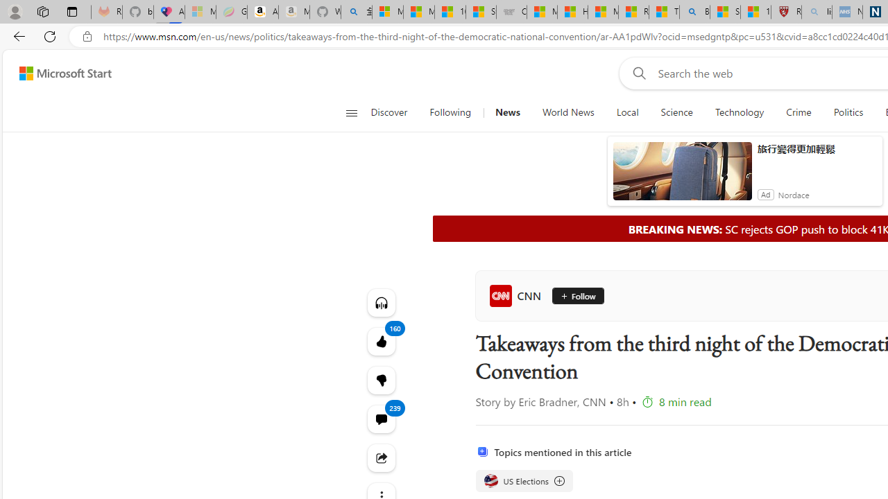 Image resolution: width=888 pixels, height=499 pixels. Describe the element at coordinates (799, 112) in the screenshot. I see `'Crime'` at that location.